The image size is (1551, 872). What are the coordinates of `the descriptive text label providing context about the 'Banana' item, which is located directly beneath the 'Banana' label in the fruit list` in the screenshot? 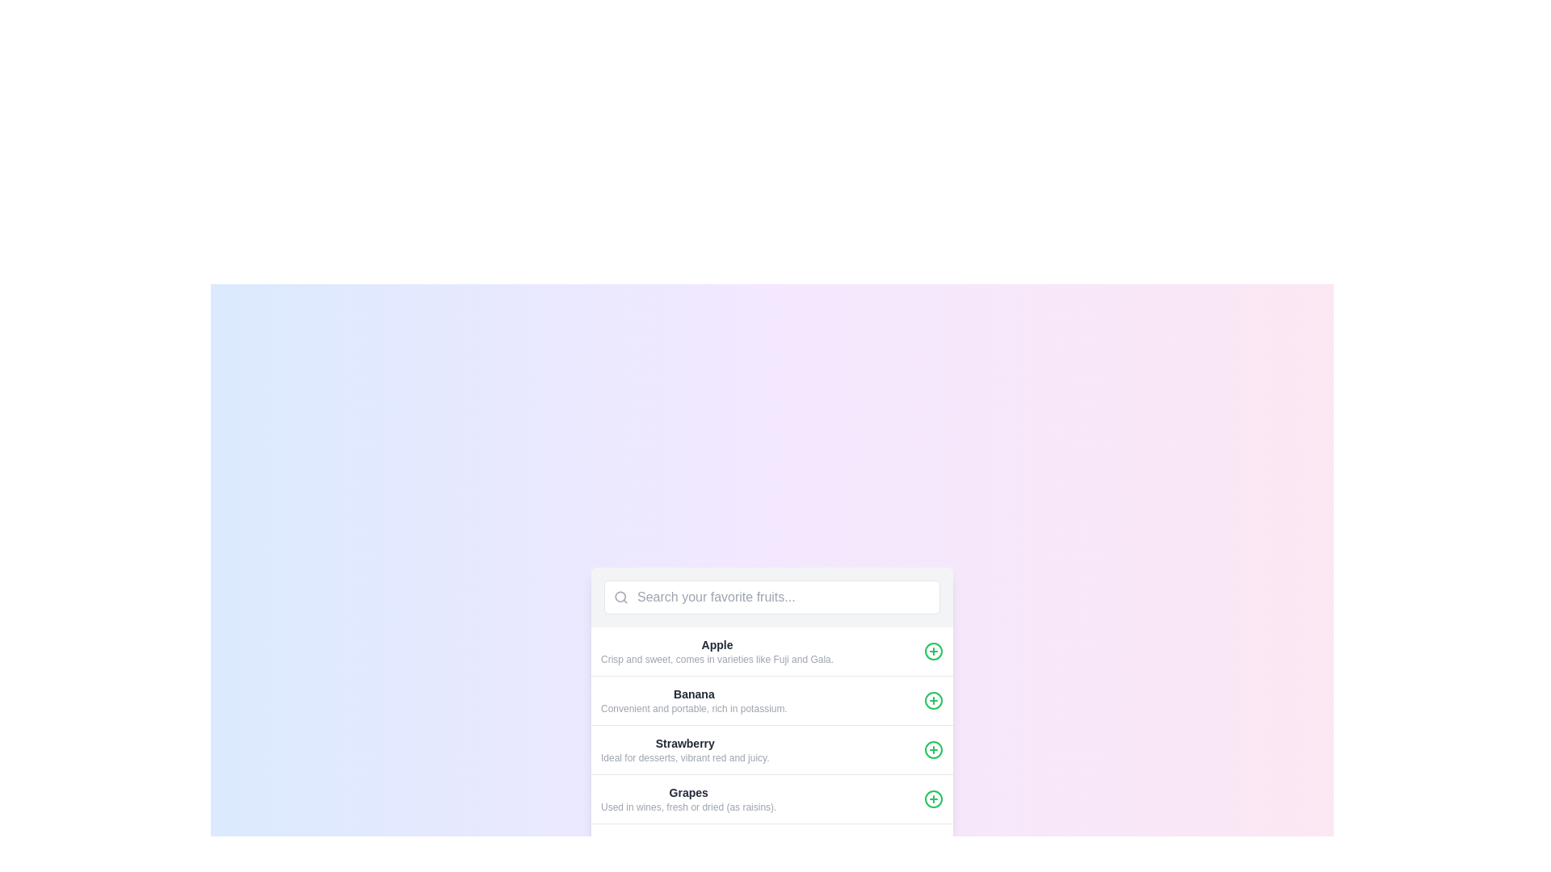 It's located at (694, 708).